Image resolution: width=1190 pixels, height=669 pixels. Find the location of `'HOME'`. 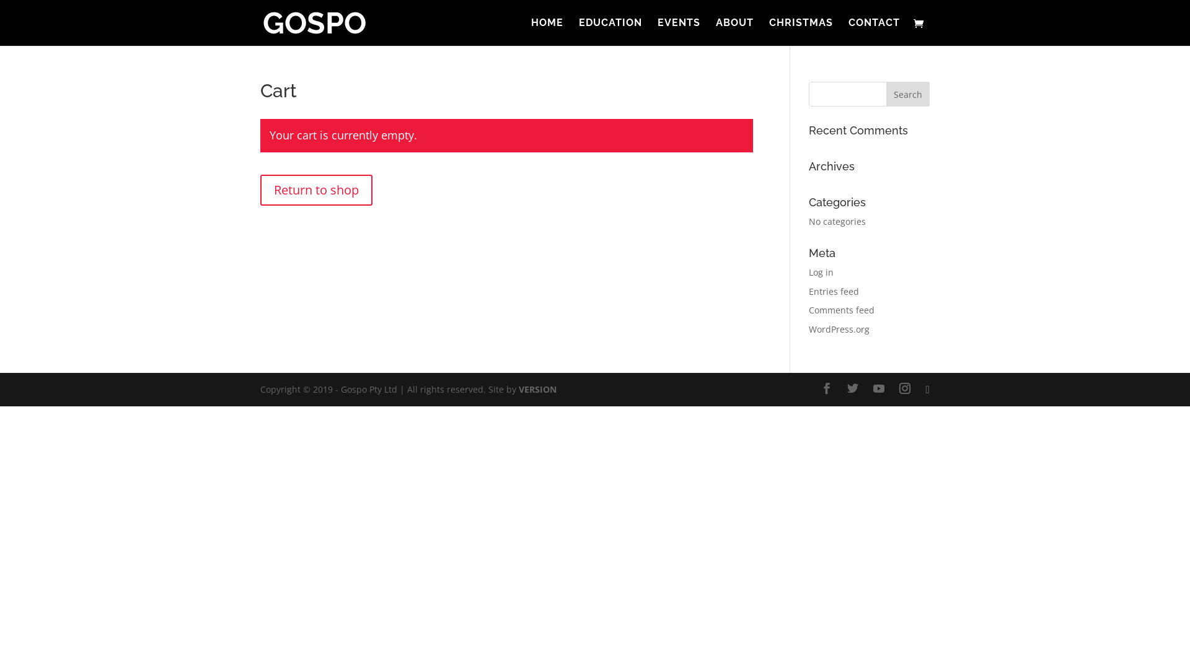

'HOME' is located at coordinates (547, 31).